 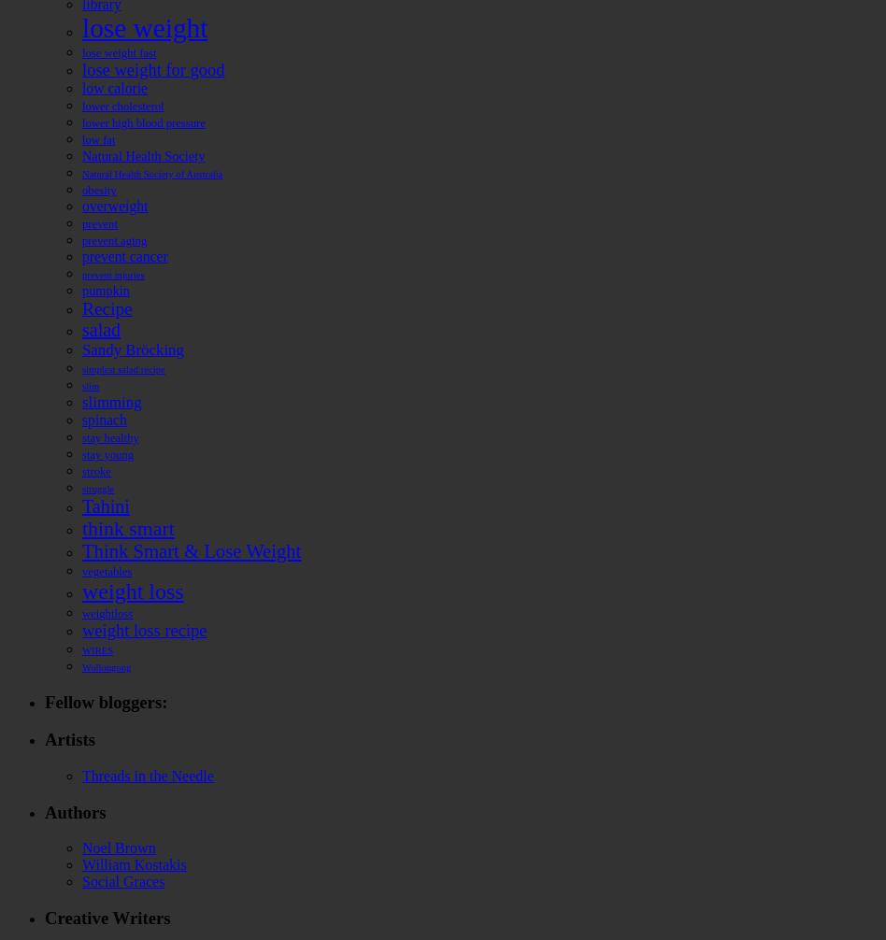 I want to click on 'lower cholesterol', so click(x=121, y=105).